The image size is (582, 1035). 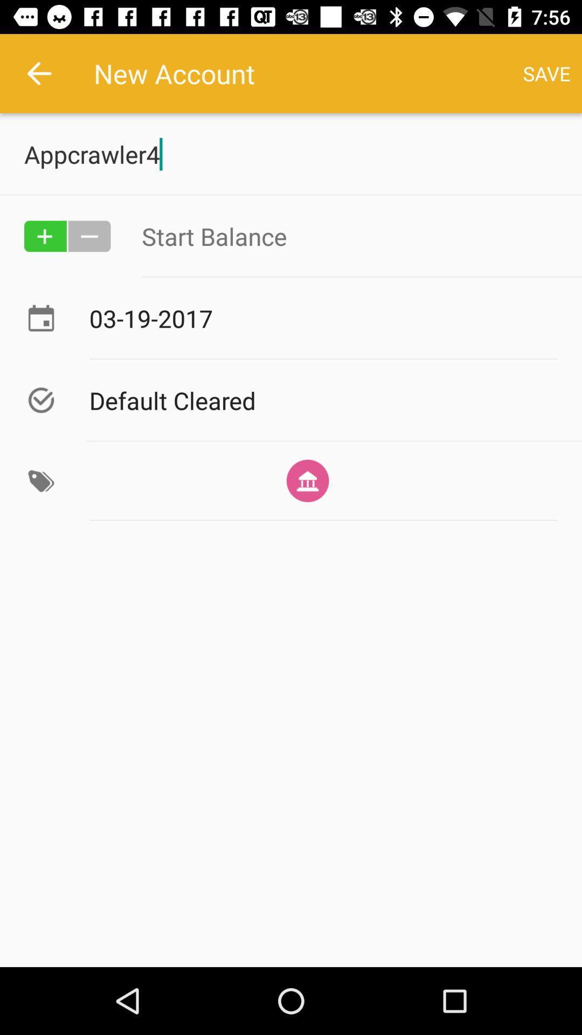 I want to click on save button, so click(x=546, y=73).